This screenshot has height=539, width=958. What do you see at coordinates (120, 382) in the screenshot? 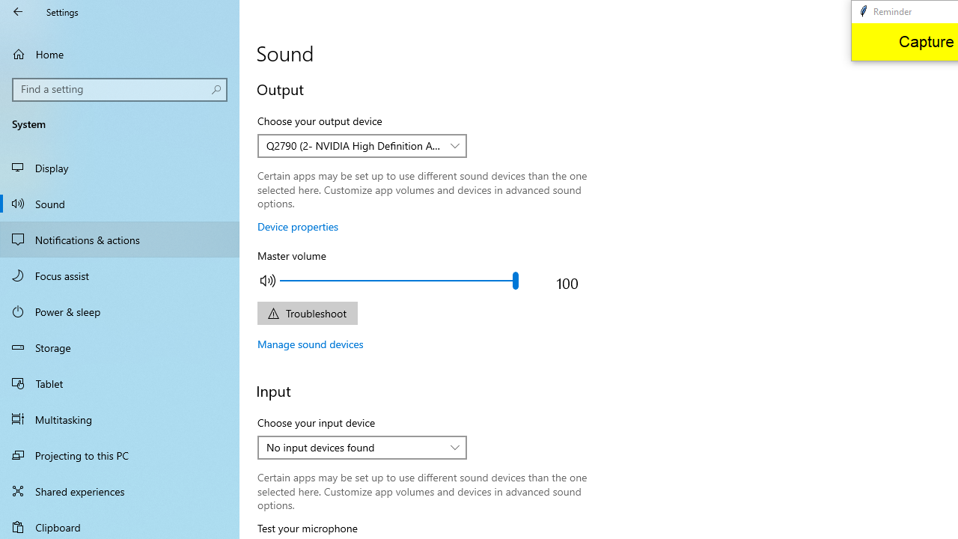
I see `'Tablet'` at bounding box center [120, 382].